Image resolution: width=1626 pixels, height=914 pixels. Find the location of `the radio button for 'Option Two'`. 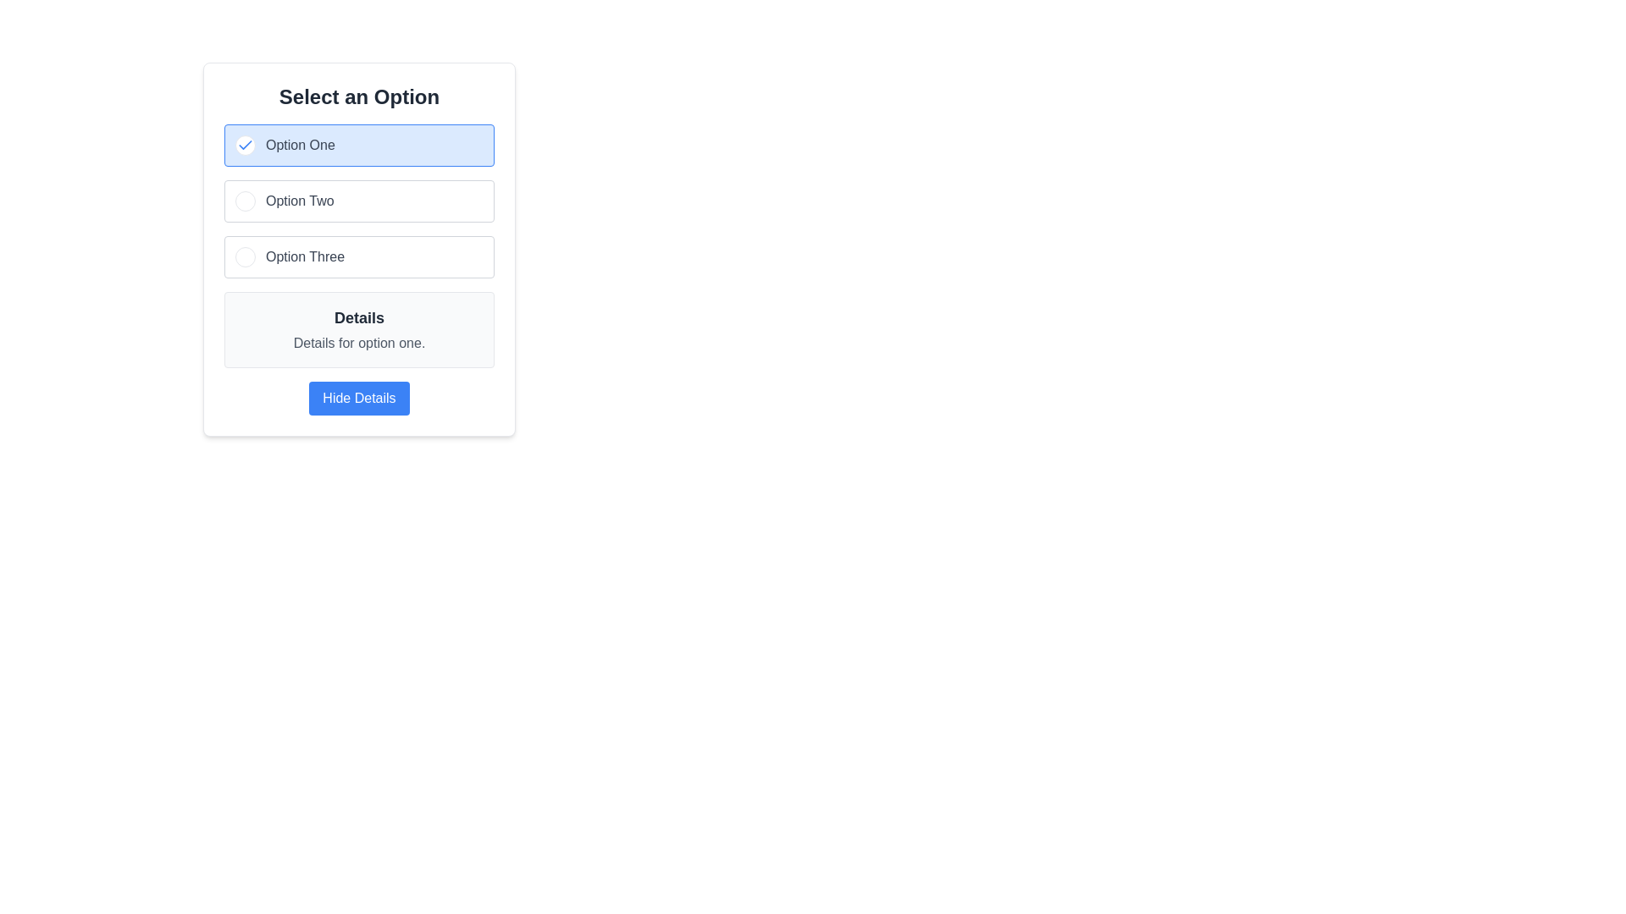

the radio button for 'Option Two' is located at coordinates (358, 201).